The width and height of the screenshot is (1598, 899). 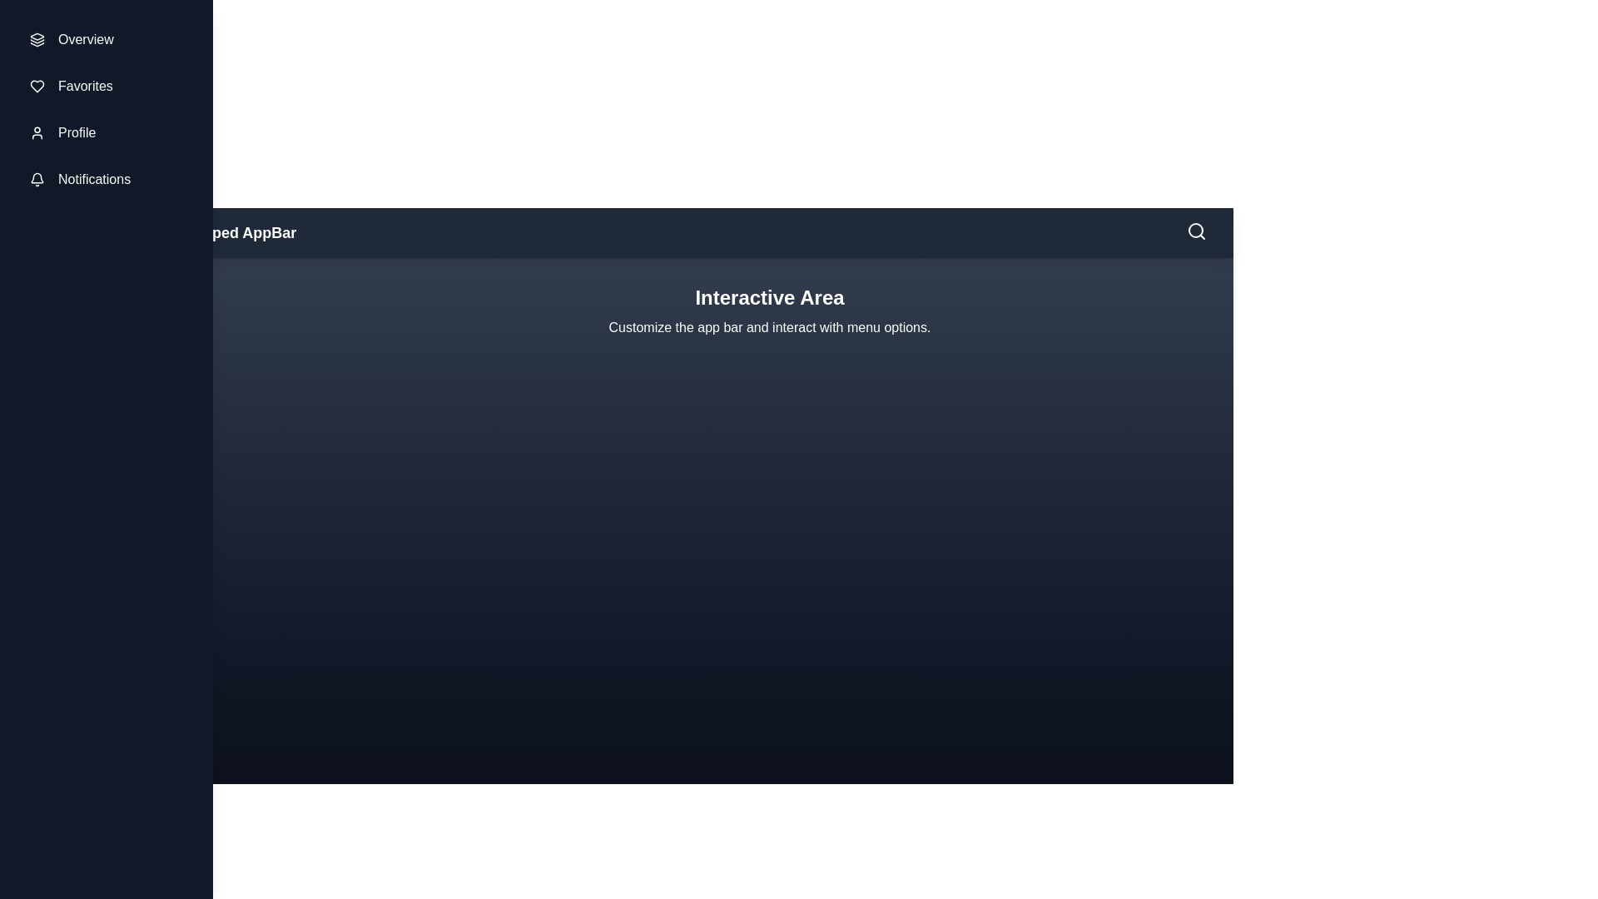 I want to click on the menu item Profile in the sidebar, so click(x=106, y=132).